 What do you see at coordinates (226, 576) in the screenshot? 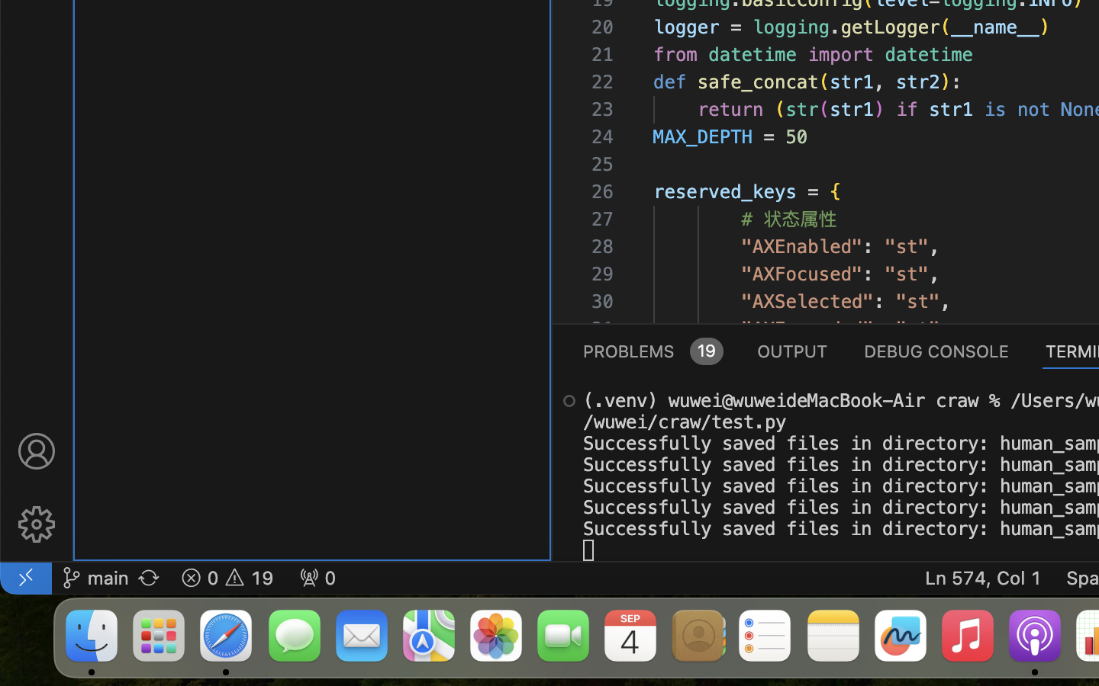
I see `'19  0 '` at bounding box center [226, 576].